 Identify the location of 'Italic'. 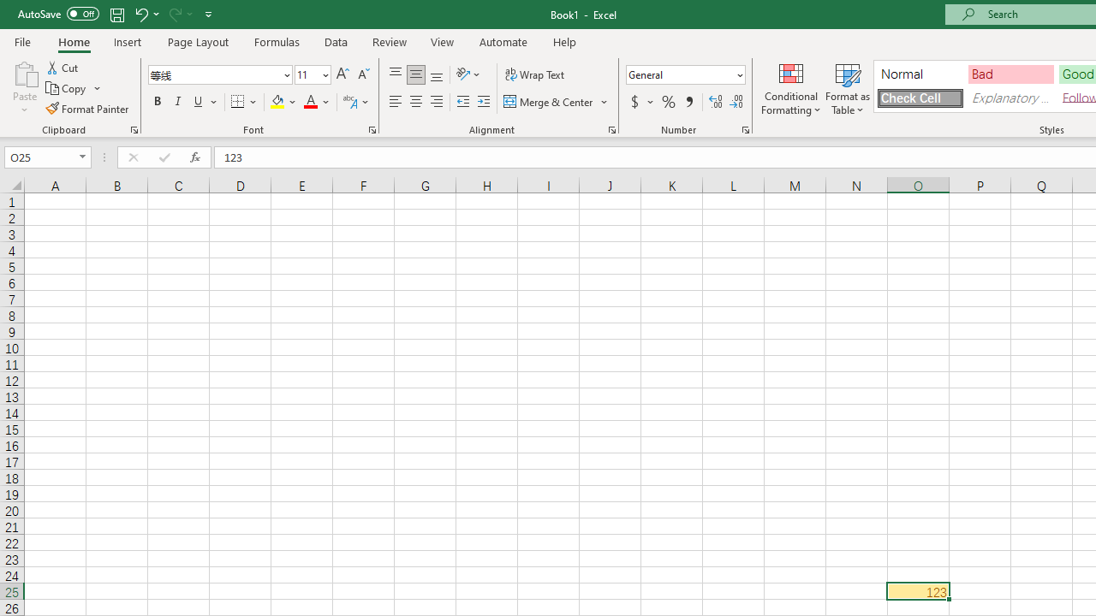
(178, 102).